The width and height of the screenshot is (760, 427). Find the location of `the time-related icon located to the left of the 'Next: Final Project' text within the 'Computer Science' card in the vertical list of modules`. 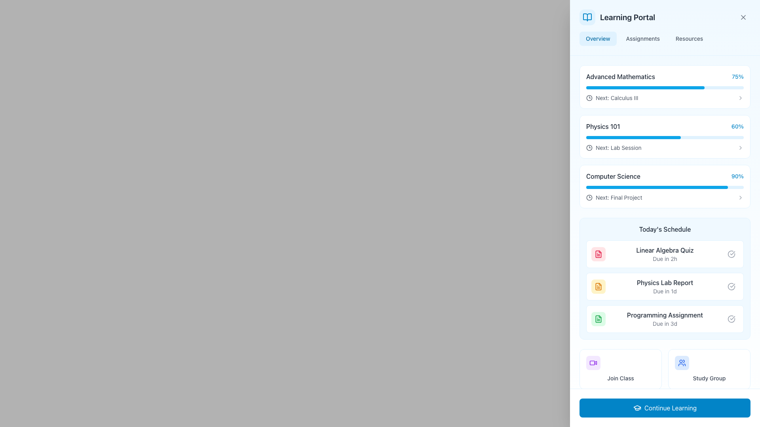

the time-related icon located to the left of the 'Next: Final Project' text within the 'Computer Science' card in the vertical list of modules is located at coordinates (589, 197).